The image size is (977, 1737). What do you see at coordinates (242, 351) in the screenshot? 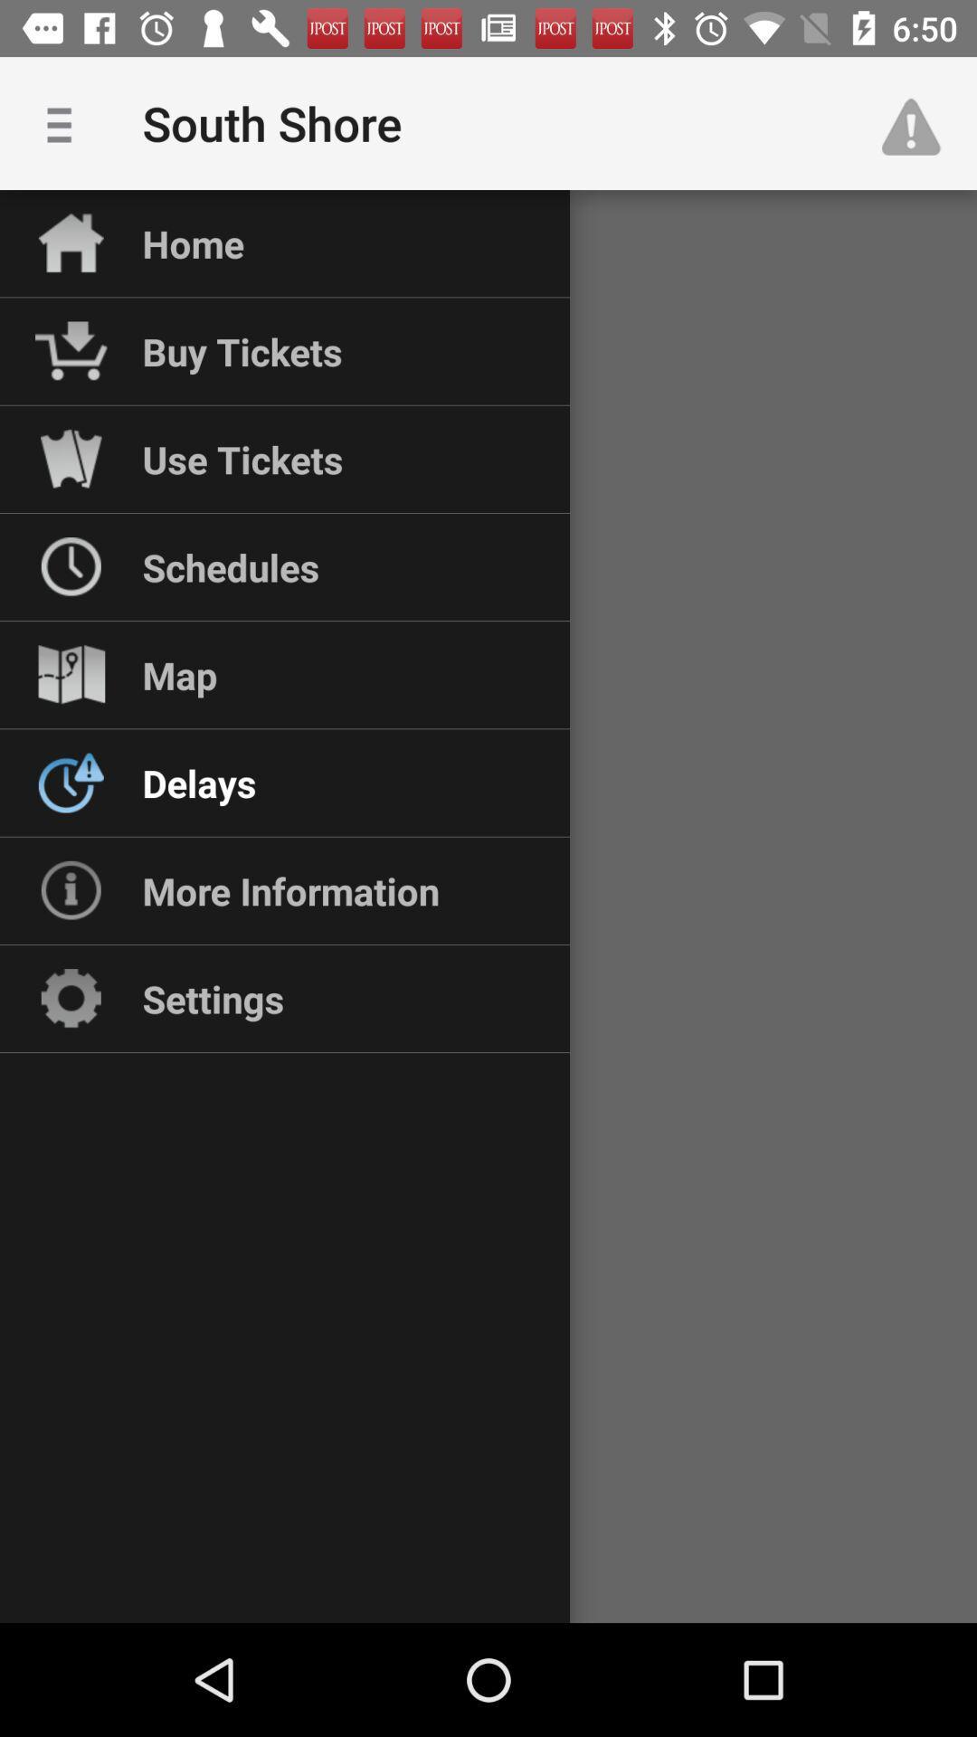
I see `the buy tickets item` at bounding box center [242, 351].